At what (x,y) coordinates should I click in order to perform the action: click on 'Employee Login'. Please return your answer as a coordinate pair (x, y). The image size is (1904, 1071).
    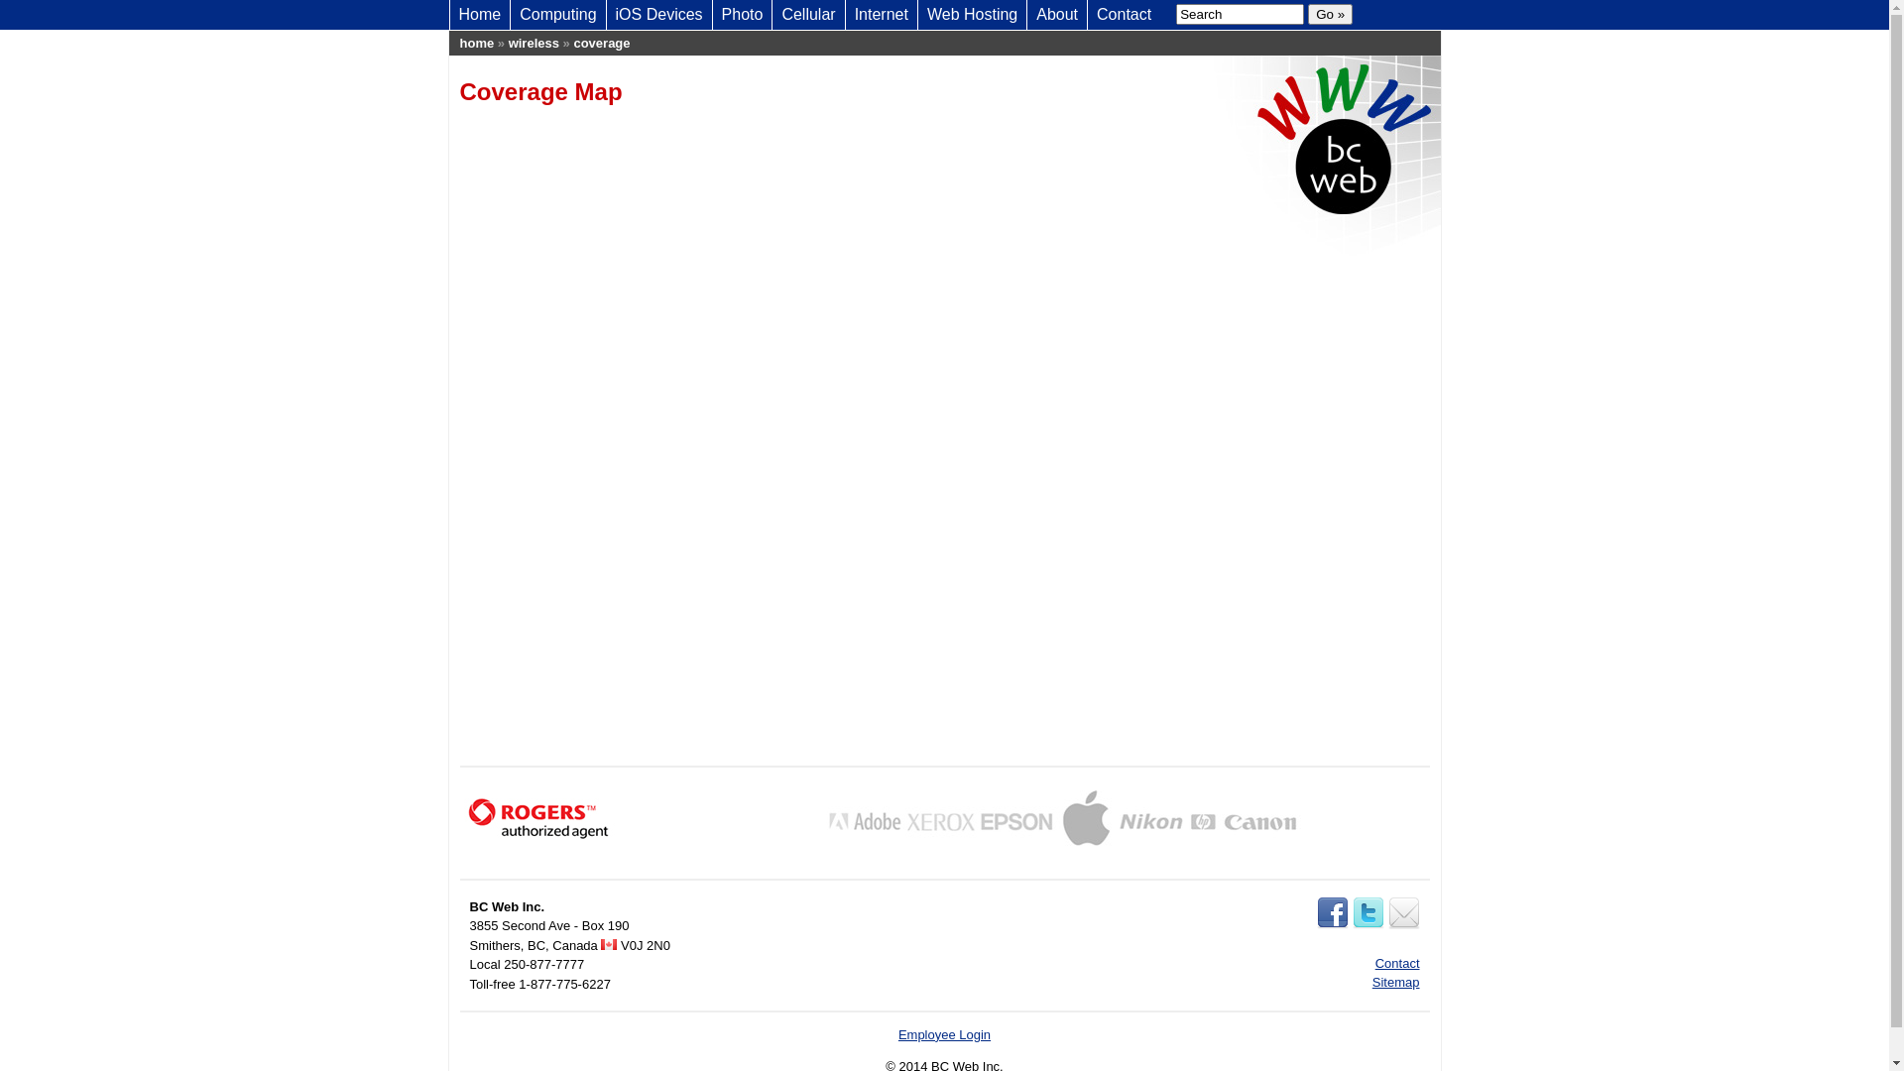
    Looking at the image, I should click on (943, 1033).